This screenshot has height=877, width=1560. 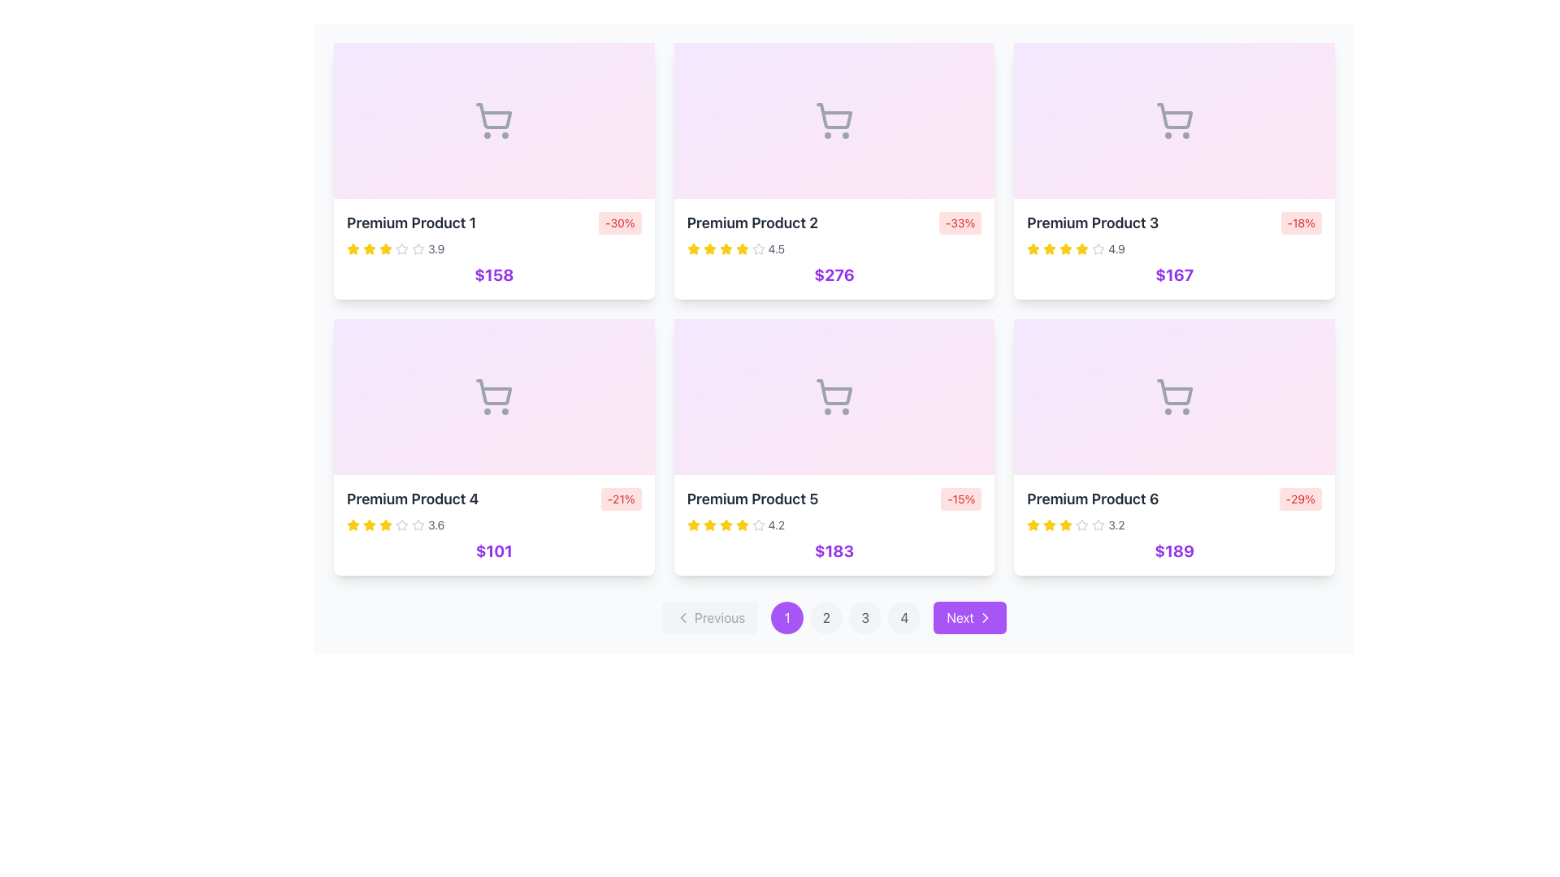 What do you see at coordinates (709, 248) in the screenshot?
I see `the second star icon in the rating display of the Premium Product 2 card, which is styled with a yellow fill and outlined, located at the top center of the grid` at bounding box center [709, 248].